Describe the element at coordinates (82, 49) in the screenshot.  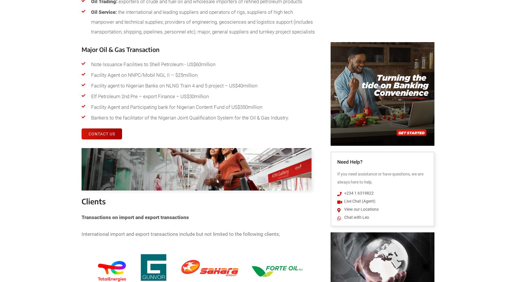
I see `'Major Oil & Gas Transaction'` at that location.